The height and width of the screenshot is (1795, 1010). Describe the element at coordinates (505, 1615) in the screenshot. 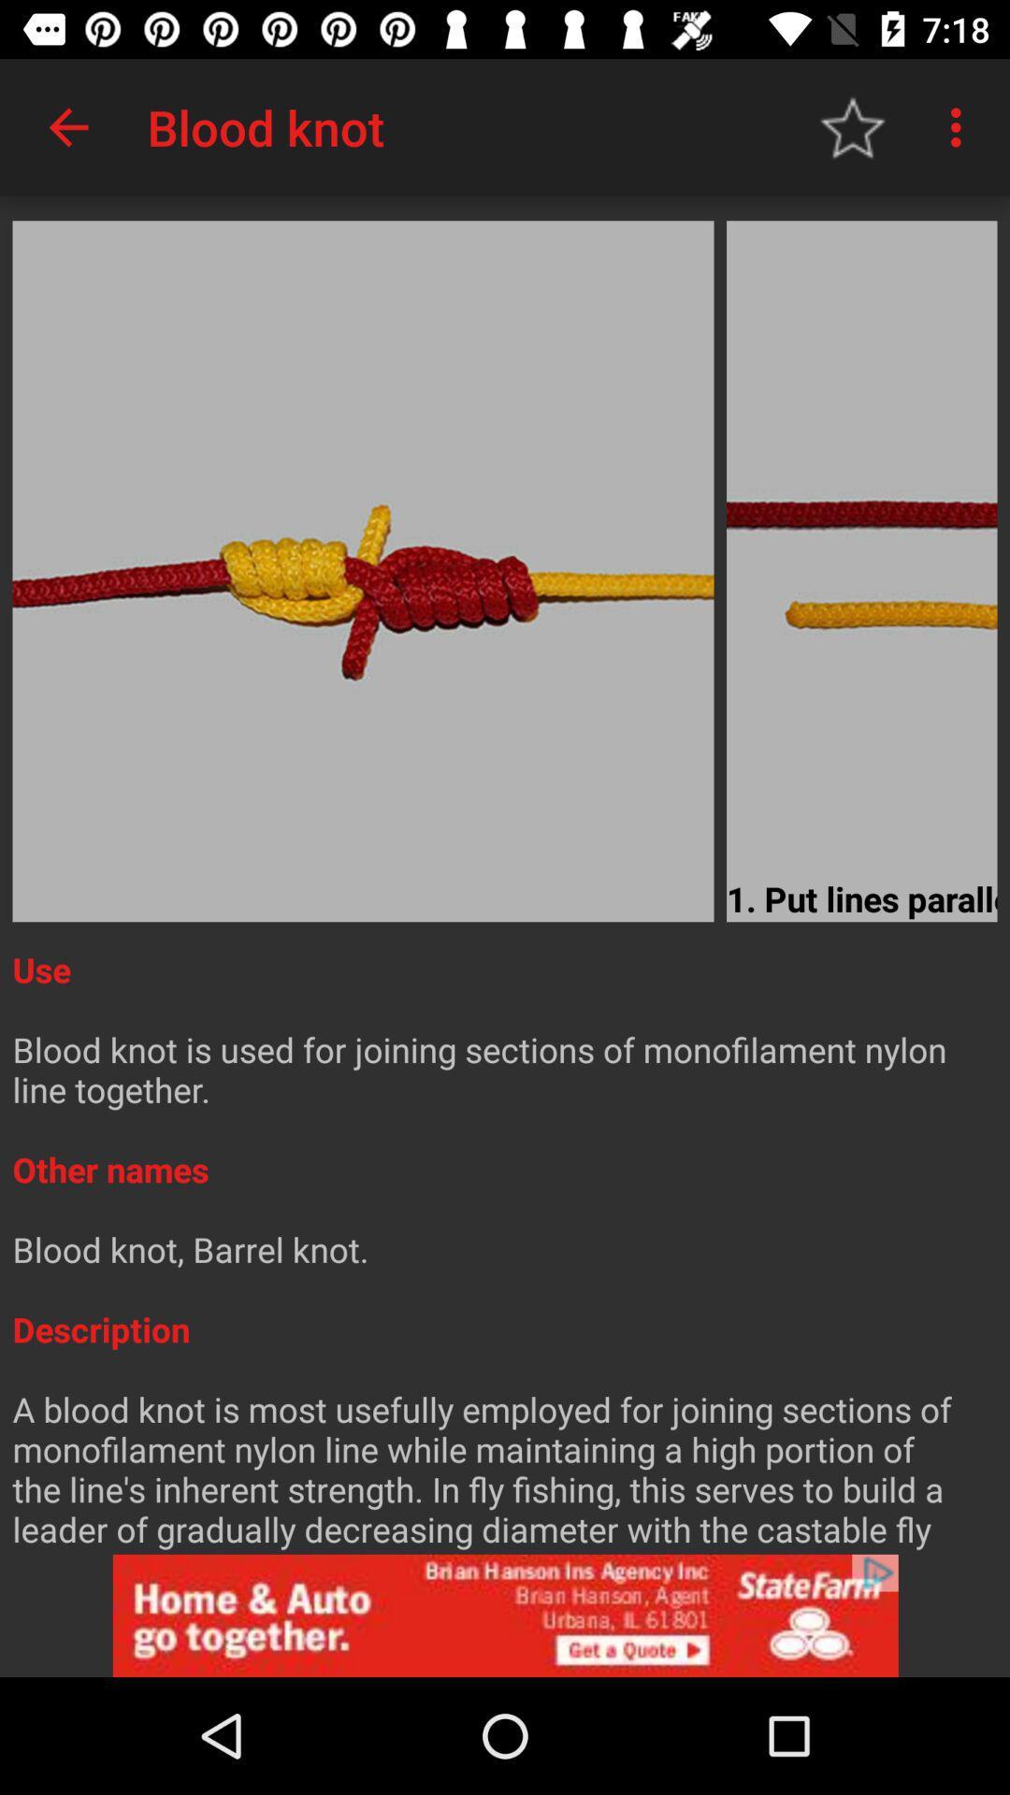

I see `the advertisement` at that location.